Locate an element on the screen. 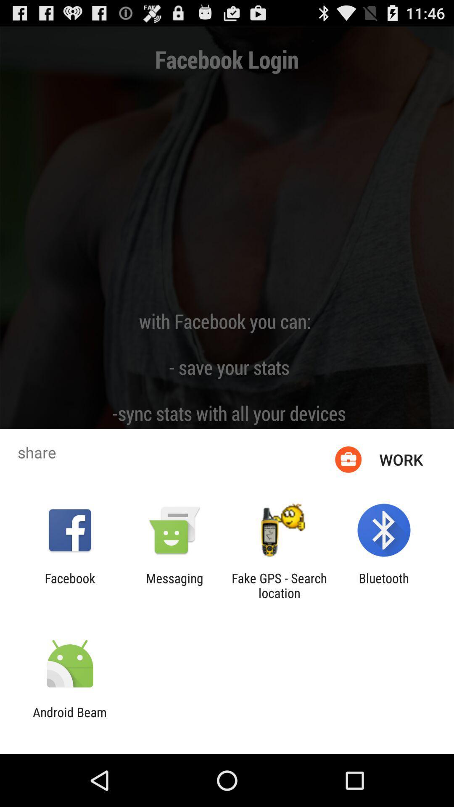  the app to the left of messaging item is located at coordinates (69, 585).